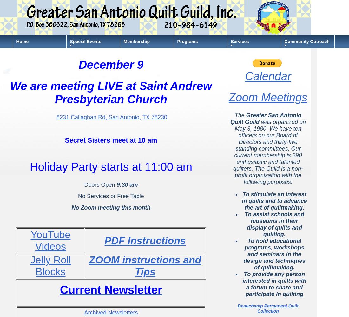 The width and height of the screenshot is (349, 317). What do you see at coordinates (274, 254) in the screenshot?
I see `'To hold educational programs, workshops and seminars in the design and techniques of quiltmaking.'` at bounding box center [274, 254].